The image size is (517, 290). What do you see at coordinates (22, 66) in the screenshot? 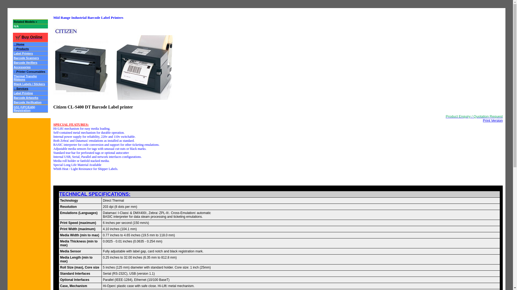
I see `'Accessories'` at bounding box center [22, 66].